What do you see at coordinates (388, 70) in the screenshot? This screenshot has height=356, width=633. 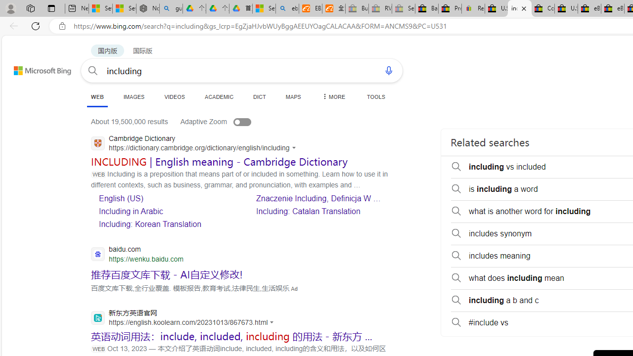 I see `'Search using voice'` at bounding box center [388, 70].